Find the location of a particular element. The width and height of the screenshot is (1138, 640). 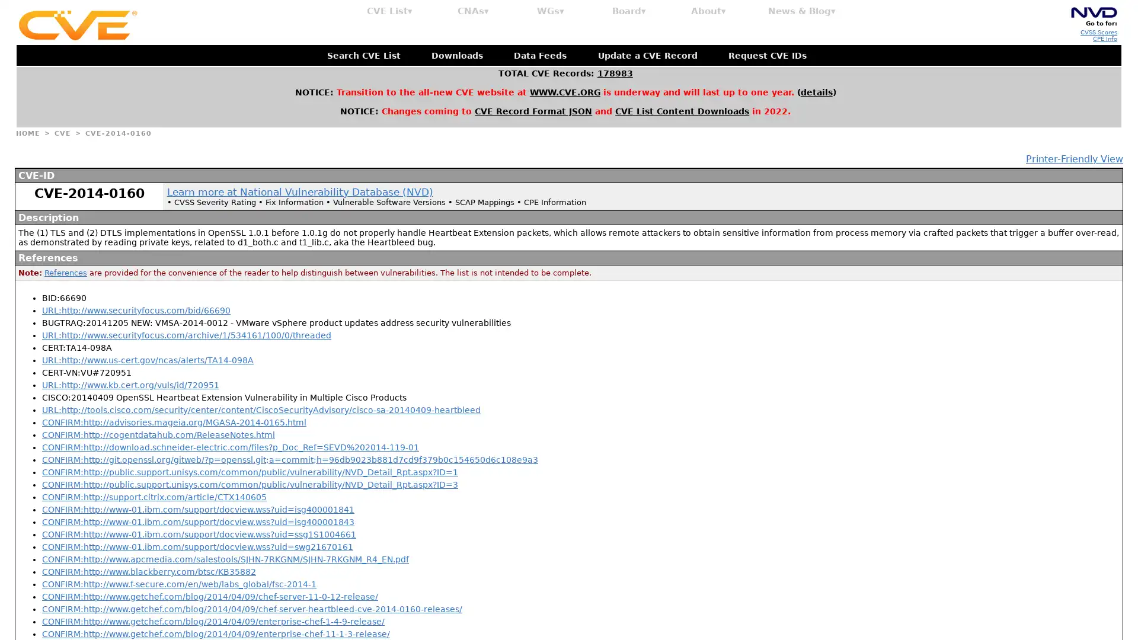

CVE List is located at coordinates (389, 11).